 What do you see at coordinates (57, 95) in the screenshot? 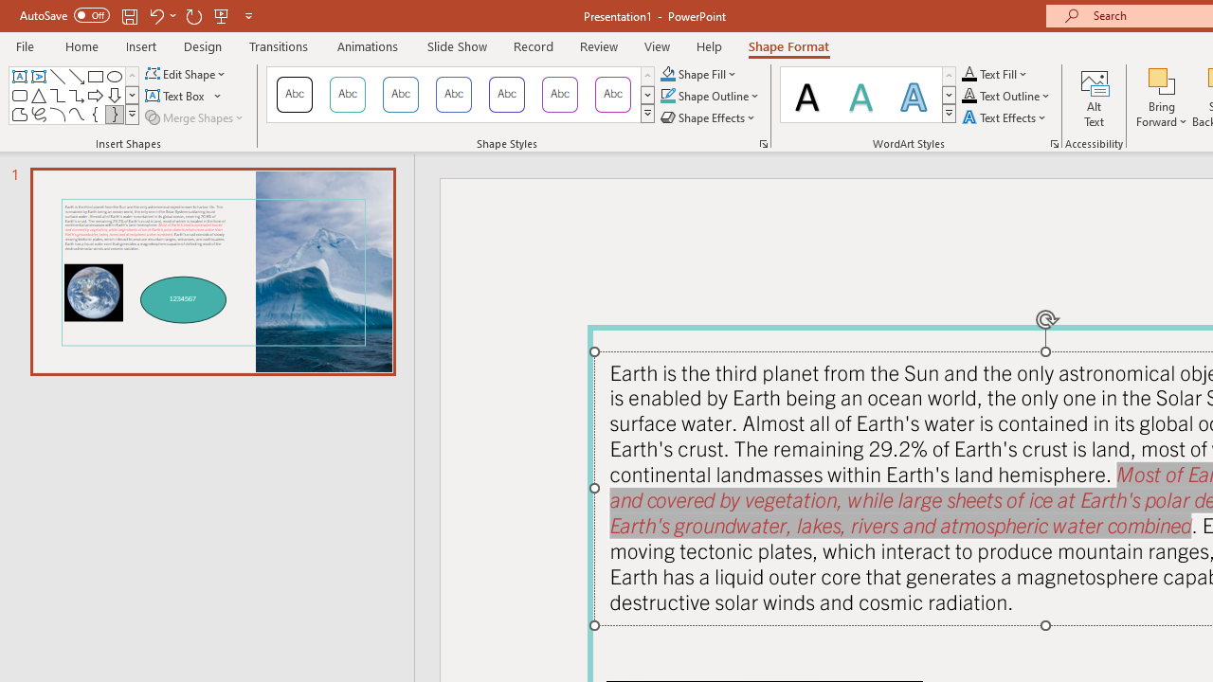
I see `'Connector: Elbow'` at bounding box center [57, 95].